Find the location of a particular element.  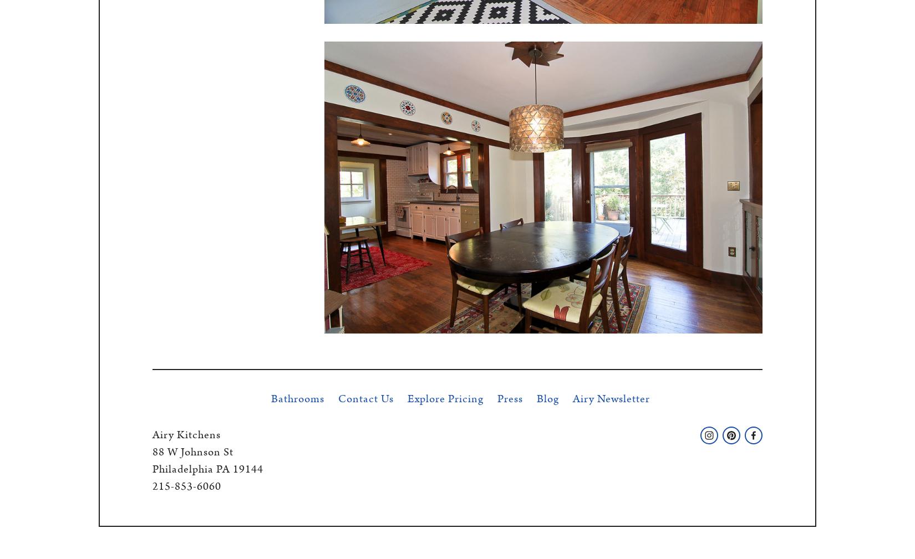

'Airy Newsletter' is located at coordinates (611, 398).